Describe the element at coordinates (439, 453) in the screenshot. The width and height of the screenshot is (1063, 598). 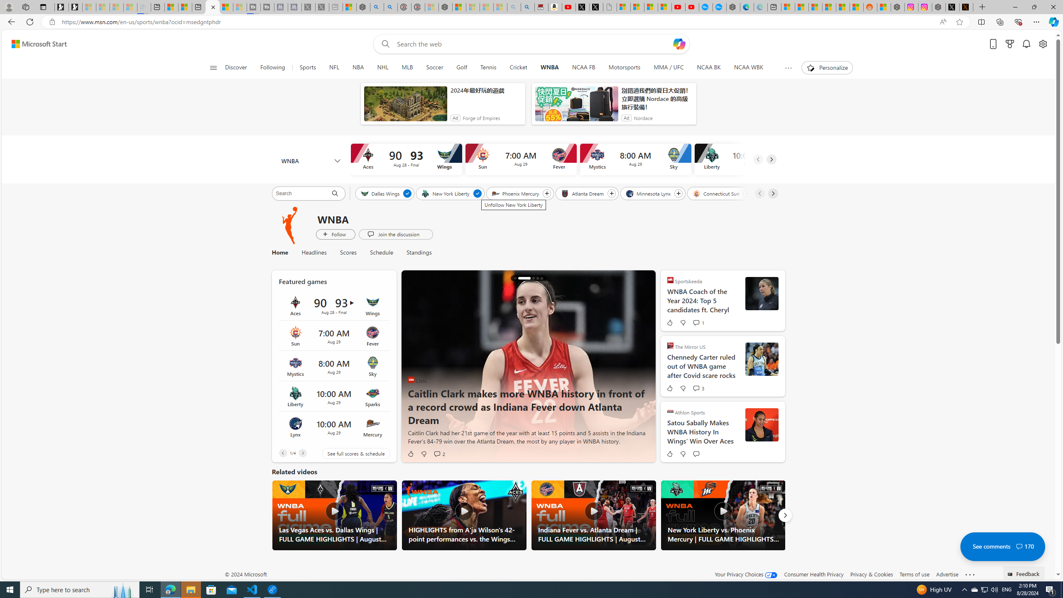
I see `'View comments 2 Comment'` at that location.